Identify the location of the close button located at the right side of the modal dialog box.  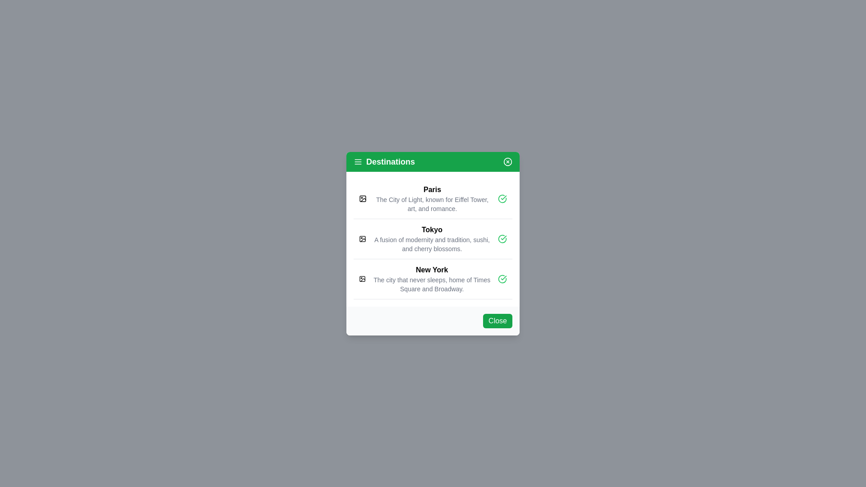
(497, 320).